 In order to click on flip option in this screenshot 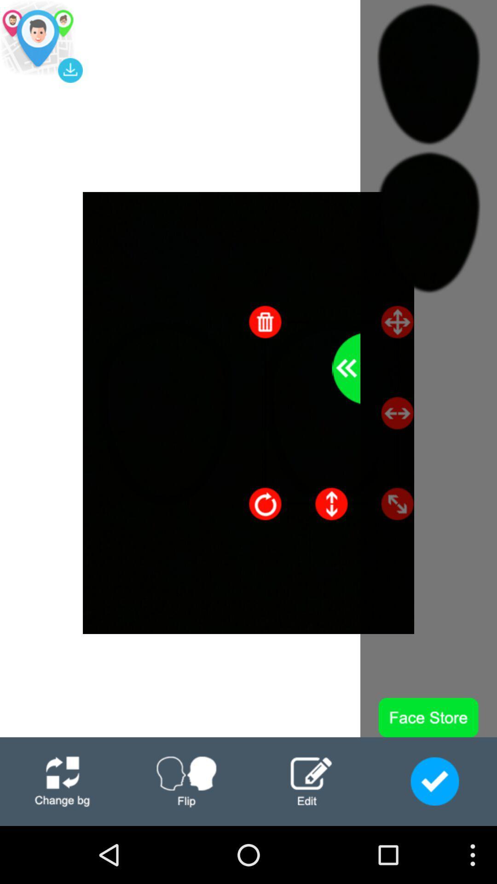, I will do `click(186, 781)`.